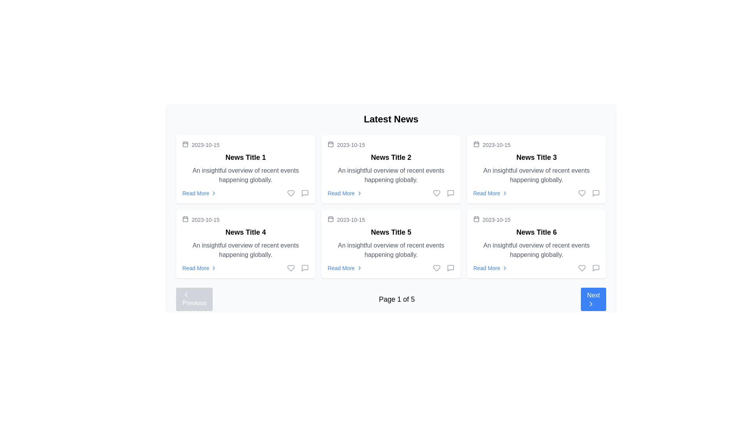  What do you see at coordinates (359, 193) in the screenshot?
I see `the chevron icon indicating the 'Read More' link, located in the top row, second column of the news items grid` at bounding box center [359, 193].